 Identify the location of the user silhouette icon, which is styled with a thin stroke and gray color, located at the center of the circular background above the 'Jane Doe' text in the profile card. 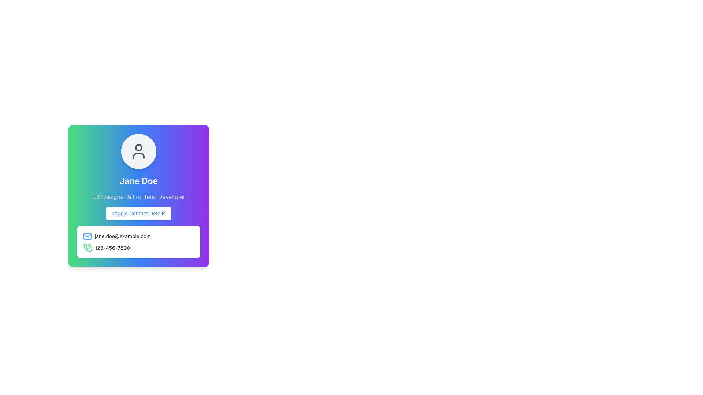
(139, 151).